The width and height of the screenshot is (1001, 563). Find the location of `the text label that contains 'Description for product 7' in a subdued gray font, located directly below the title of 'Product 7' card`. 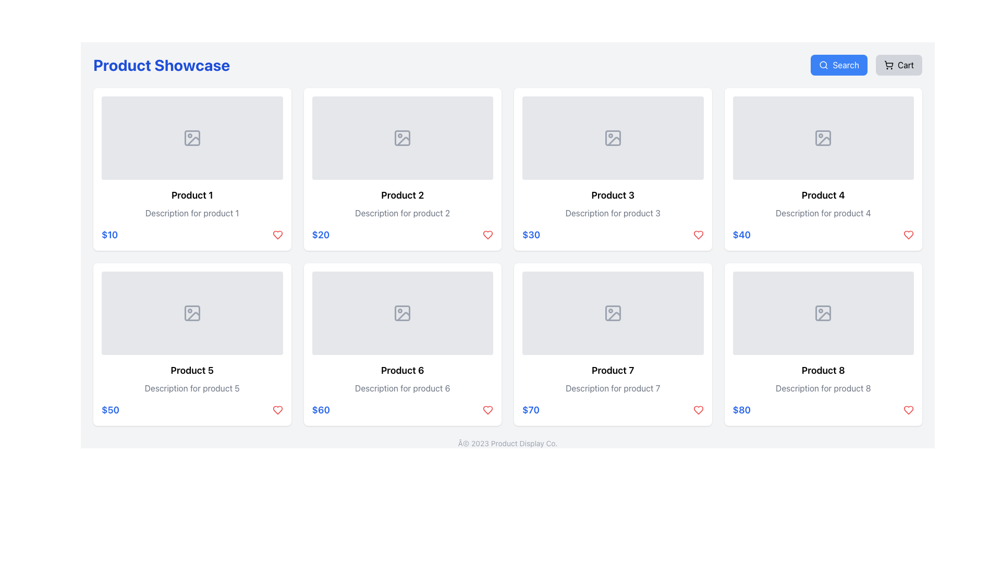

the text label that contains 'Description for product 7' in a subdued gray font, located directly below the title of 'Product 7' card is located at coordinates (613, 388).